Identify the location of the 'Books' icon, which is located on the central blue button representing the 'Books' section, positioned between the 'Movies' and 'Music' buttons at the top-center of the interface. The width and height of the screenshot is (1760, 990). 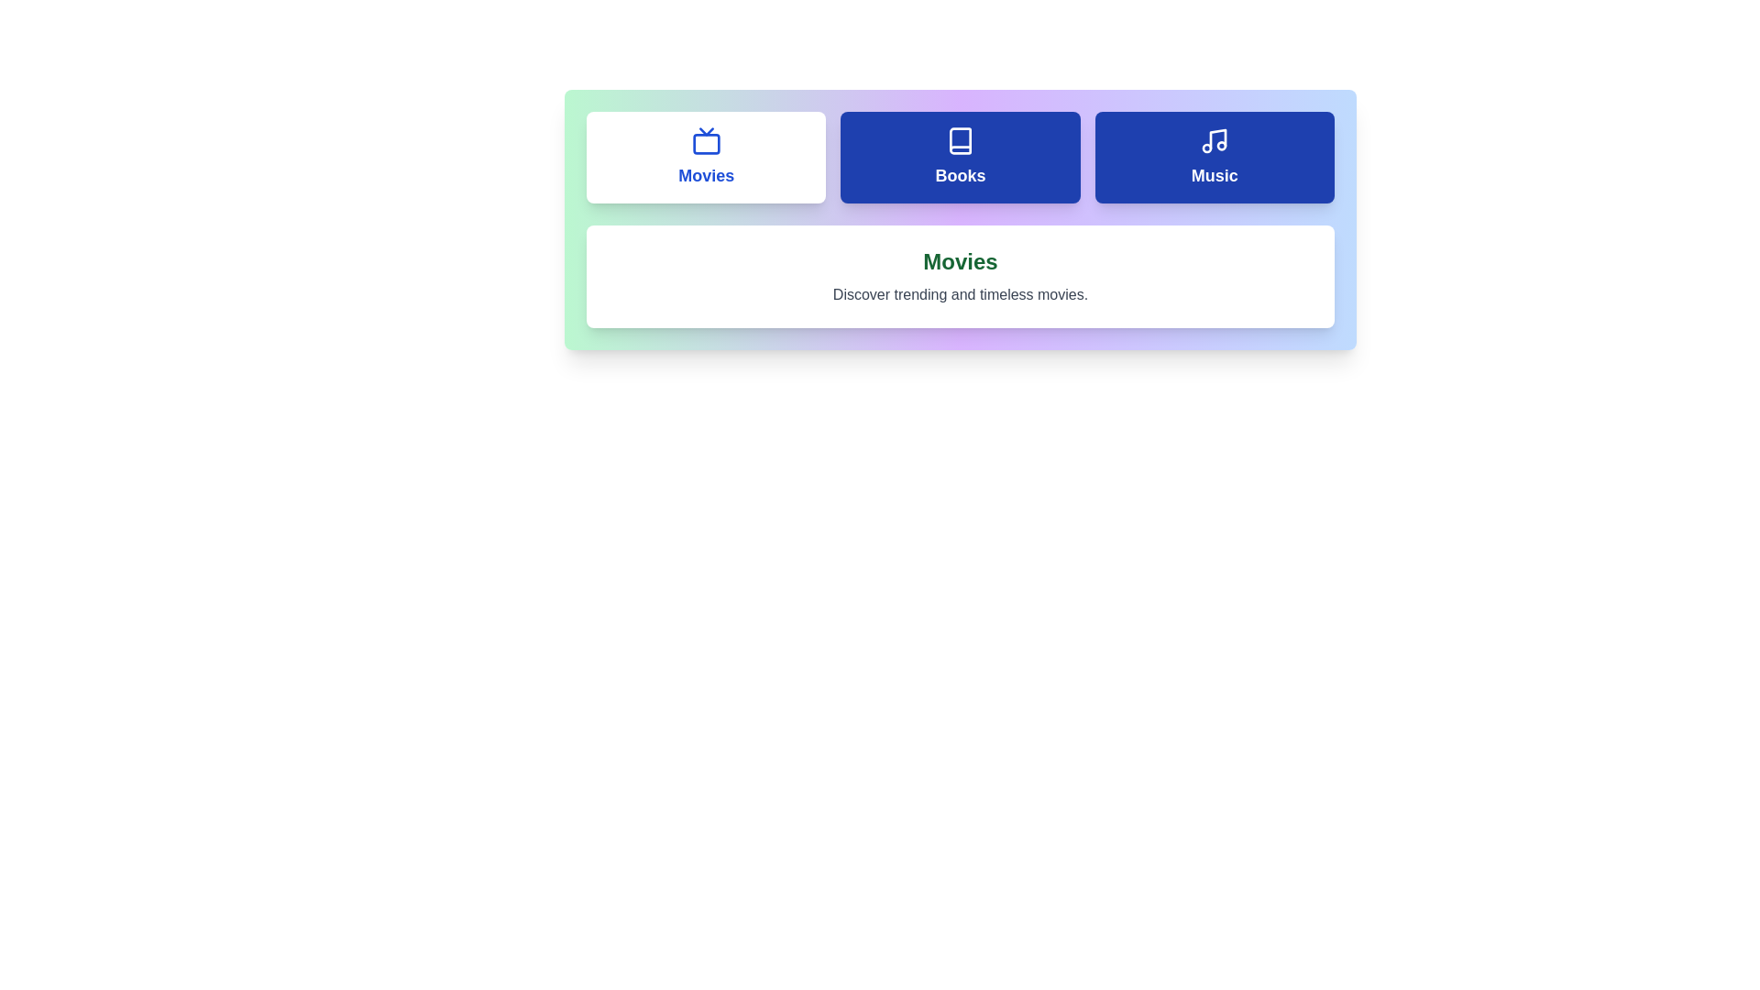
(959, 140).